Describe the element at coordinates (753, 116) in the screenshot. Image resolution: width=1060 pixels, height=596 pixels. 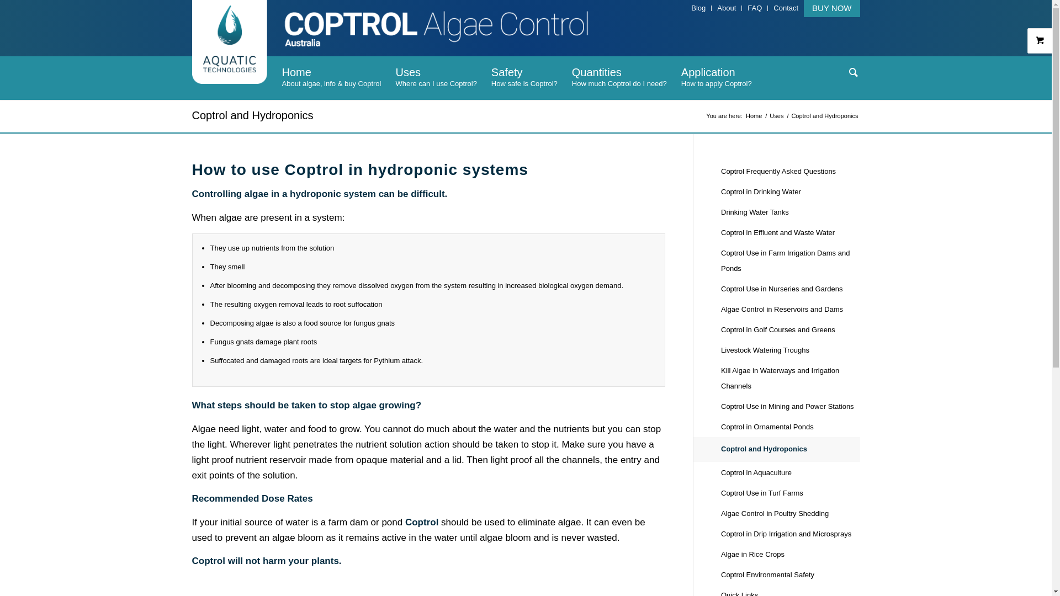
I see `'Home'` at that location.